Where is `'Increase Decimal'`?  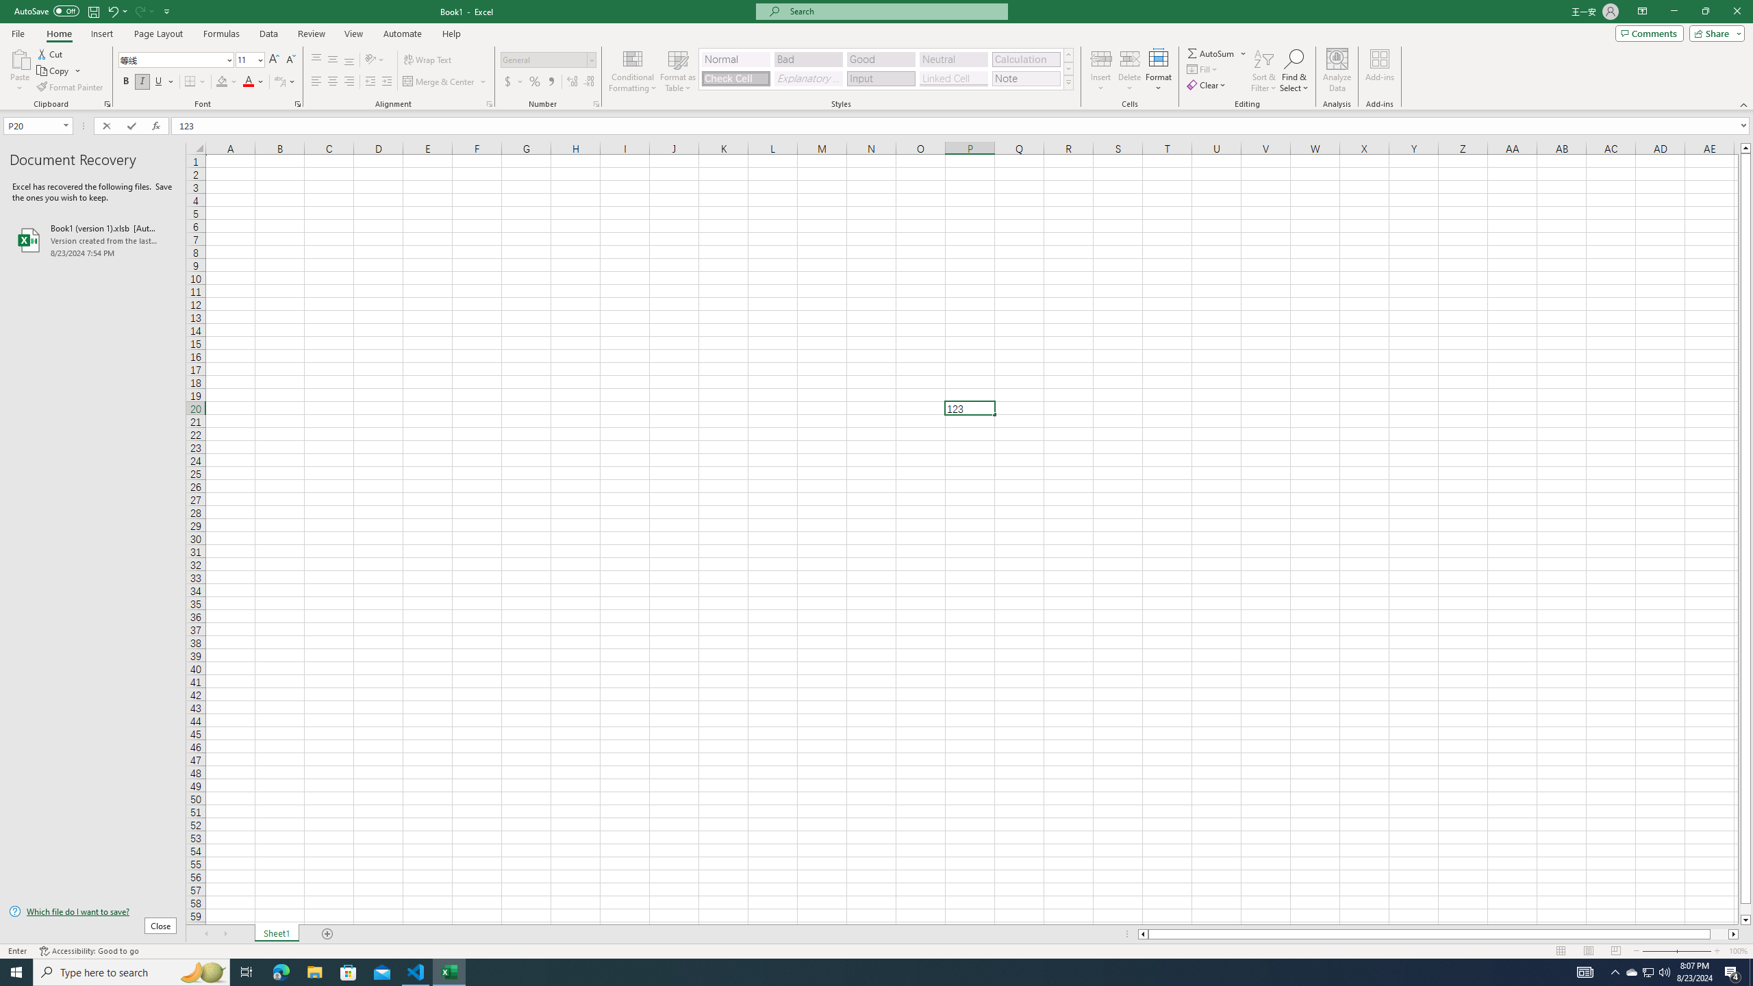
'Increase Decimal' is located at coordinates (572, 81).